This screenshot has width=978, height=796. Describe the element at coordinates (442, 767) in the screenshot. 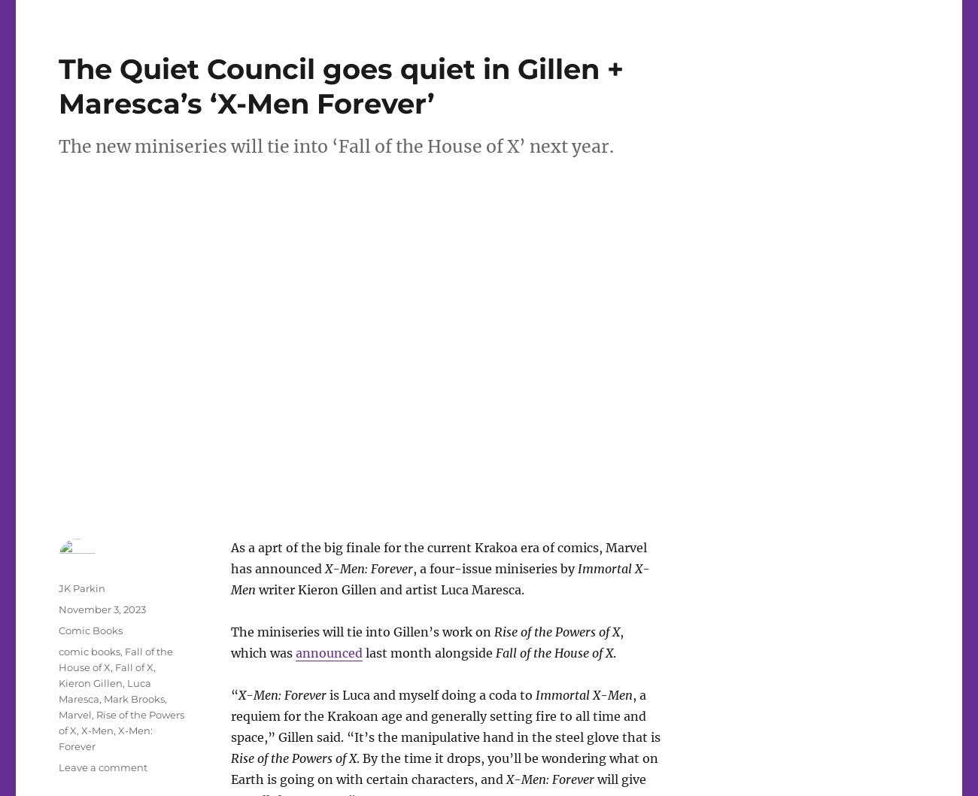

I see `'. By the time it drops, you’ll be wondering what on Earth is going on with certain characters, and'` at that location.